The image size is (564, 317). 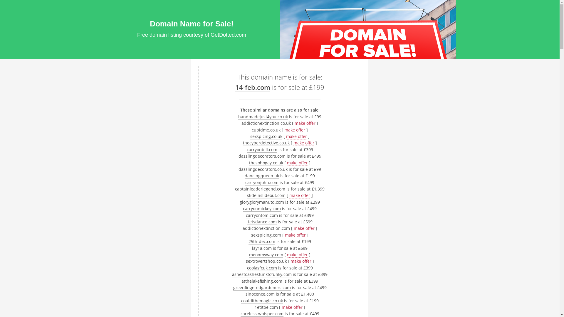 What do you see at coordinates (266, 235) in the screenshot?
I see `'sexspicing.com'` at bounding box center [266, 235].